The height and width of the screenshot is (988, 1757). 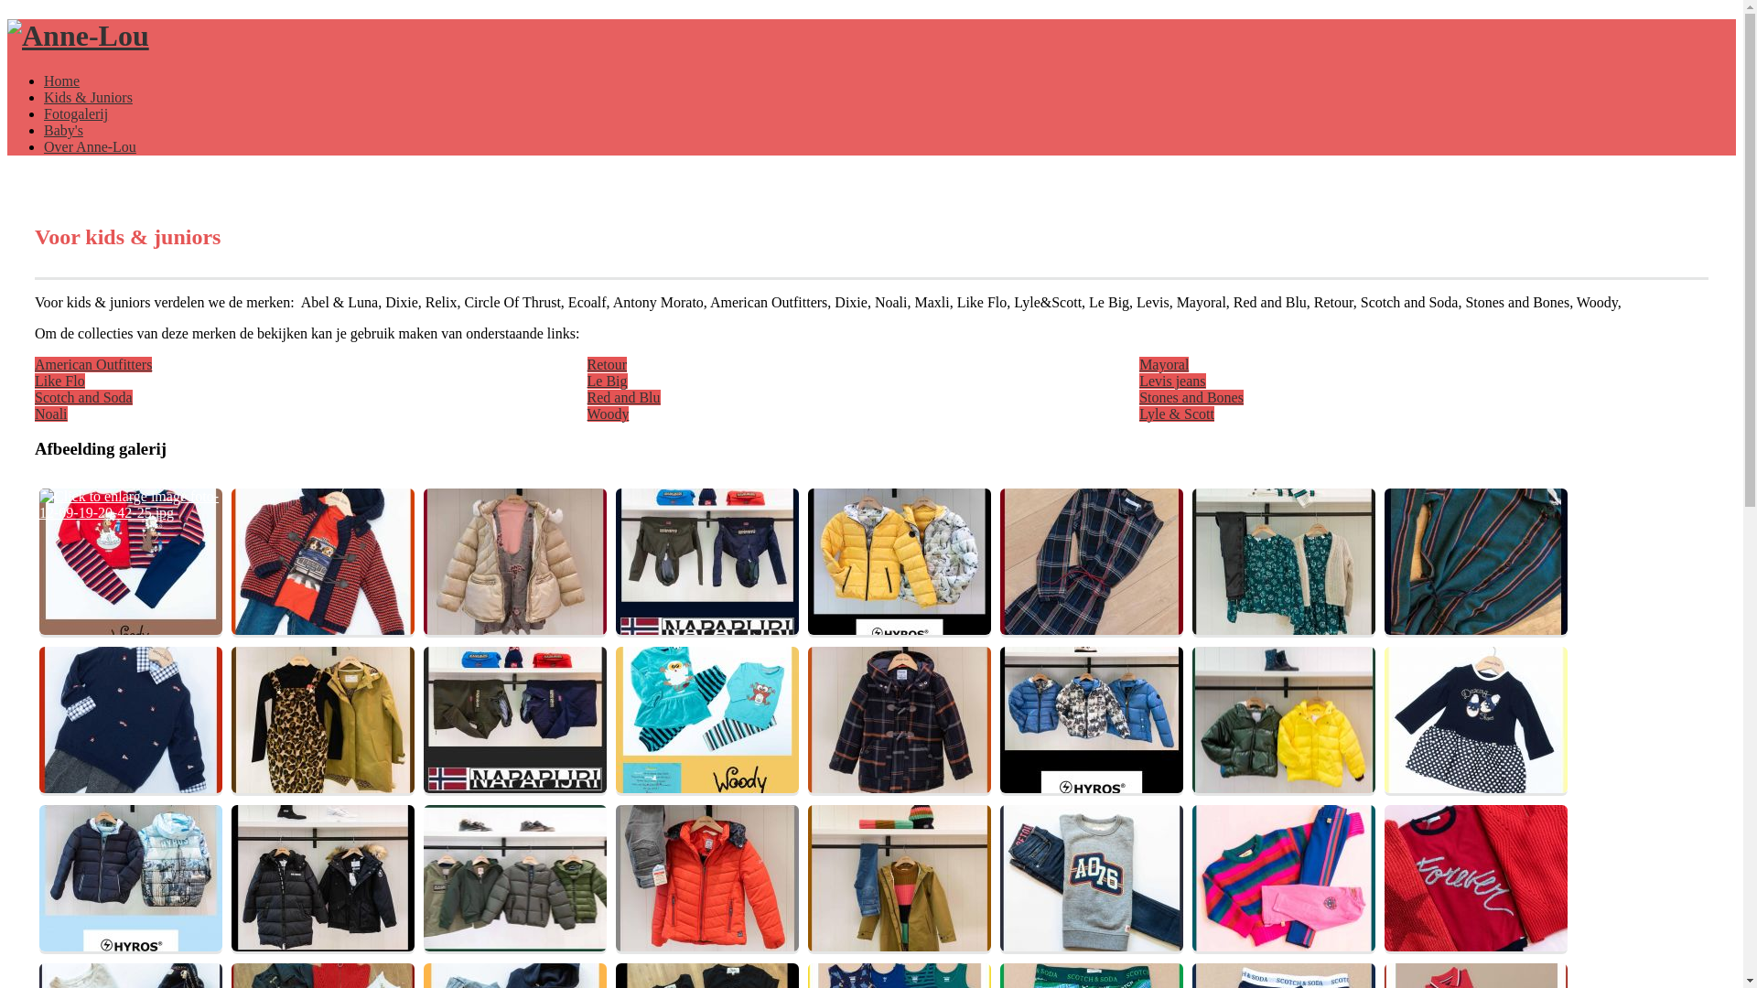 I want to click on 'Baby's', so click(x=63, y=129).